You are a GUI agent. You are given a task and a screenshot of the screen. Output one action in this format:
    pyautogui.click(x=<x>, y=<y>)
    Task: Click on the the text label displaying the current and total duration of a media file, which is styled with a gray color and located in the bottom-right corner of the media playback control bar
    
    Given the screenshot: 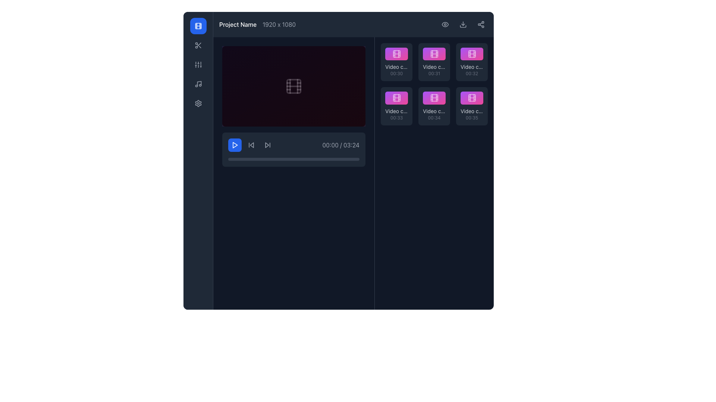 What is the action you would take?
    pyautogui.click(x=340, y=145)
    